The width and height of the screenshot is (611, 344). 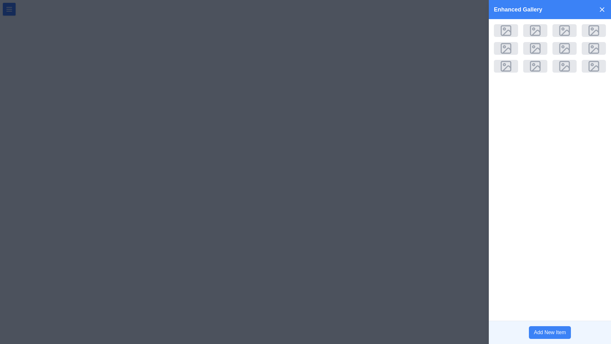 What do you see at coordinates (593, 31) in the screenshot?
I see `the zoom icon in the top-right corner of the Enhanced Gallery panel` at bounding box center [593, 31].